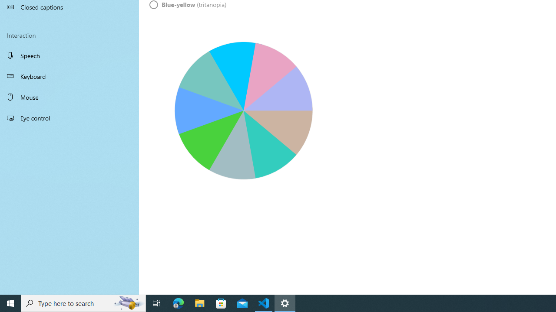 This screenshot has height=312, width=556. What do you see at coordinates (69, 76) in the screenshot?
I see `'Keyboard'` at bounding box center [69, 76].